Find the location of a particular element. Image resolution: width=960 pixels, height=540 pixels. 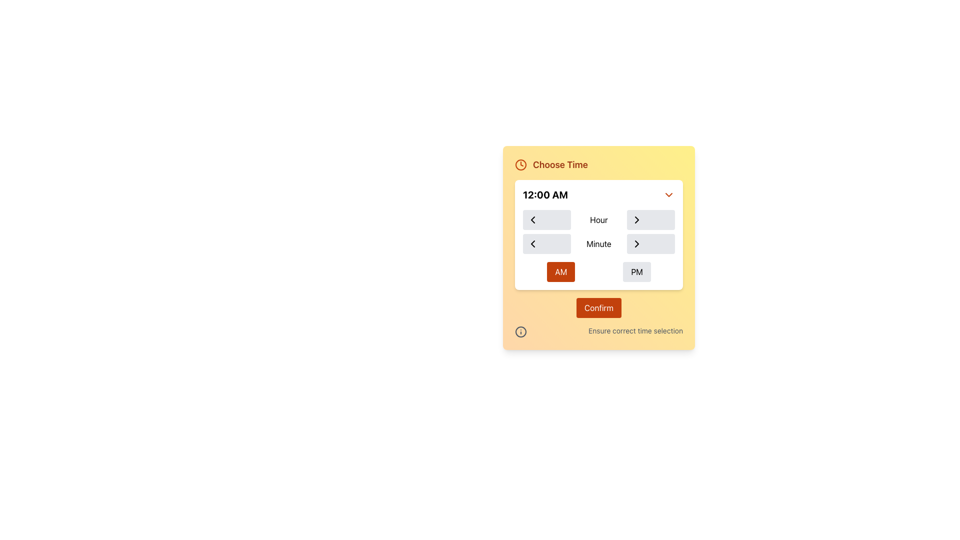

the leftward pointing triangular chevron icon within the dialog interface to decrement the minute value is located at coordinates (532, 244).